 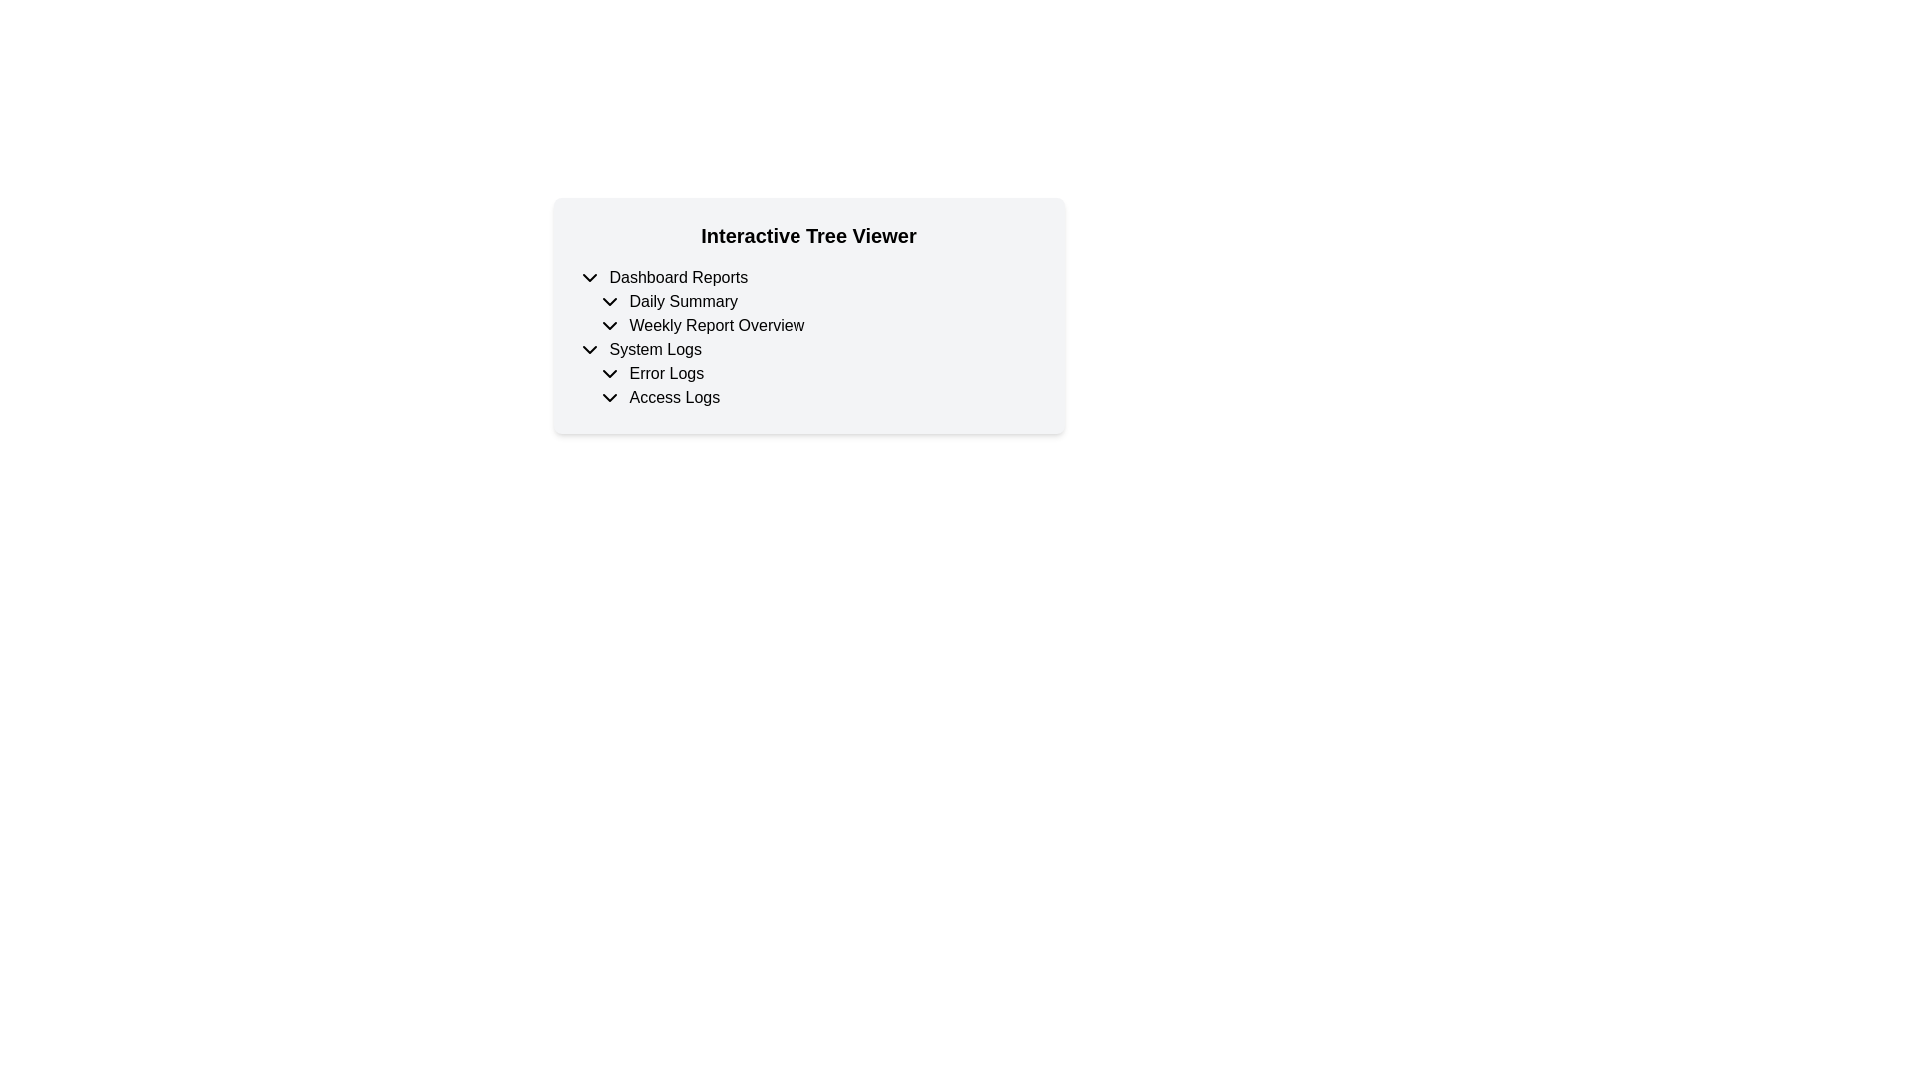 I want to click on the 'System Logs' label in the hierarchical tree display, which is located beneath 'Weekly Report Overview' and above 'Error Logs', so click(x=655, y=349).